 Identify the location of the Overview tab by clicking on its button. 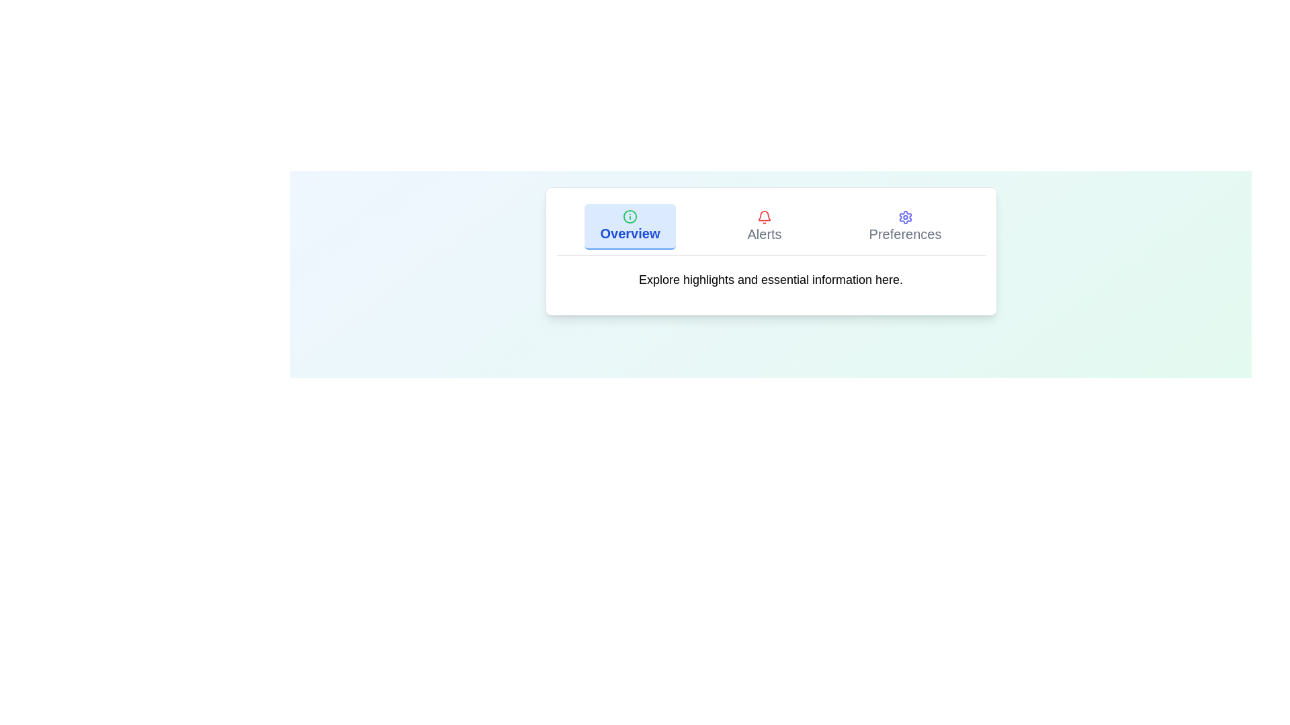
(628, 226).